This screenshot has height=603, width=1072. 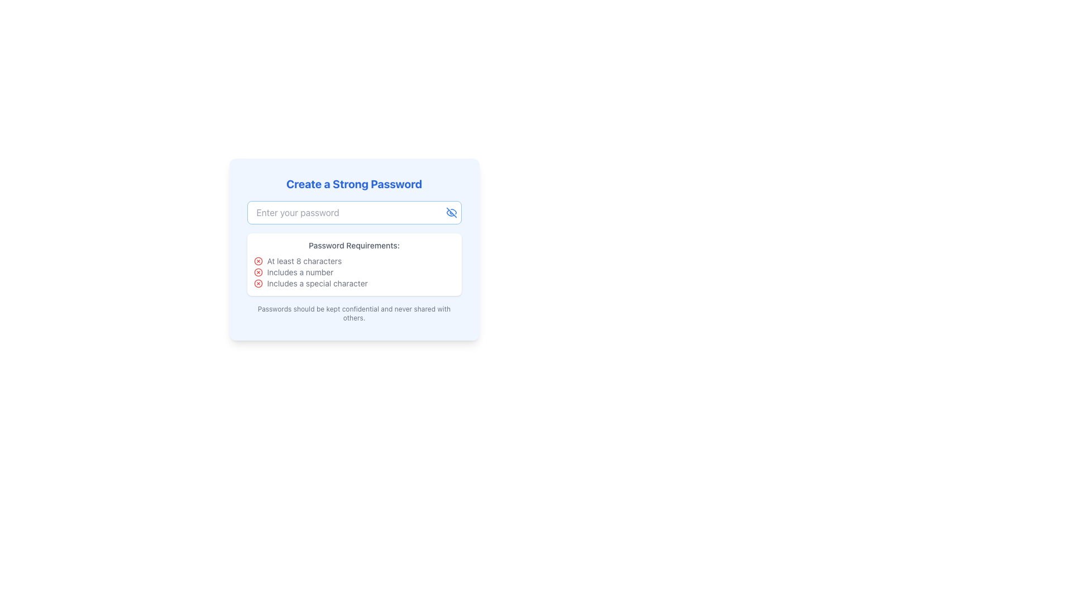 I want to click on the password requirement indicator that shows whether a number is included in the password, which is the second item in the list of password requirements, so click(x=353, y=272).